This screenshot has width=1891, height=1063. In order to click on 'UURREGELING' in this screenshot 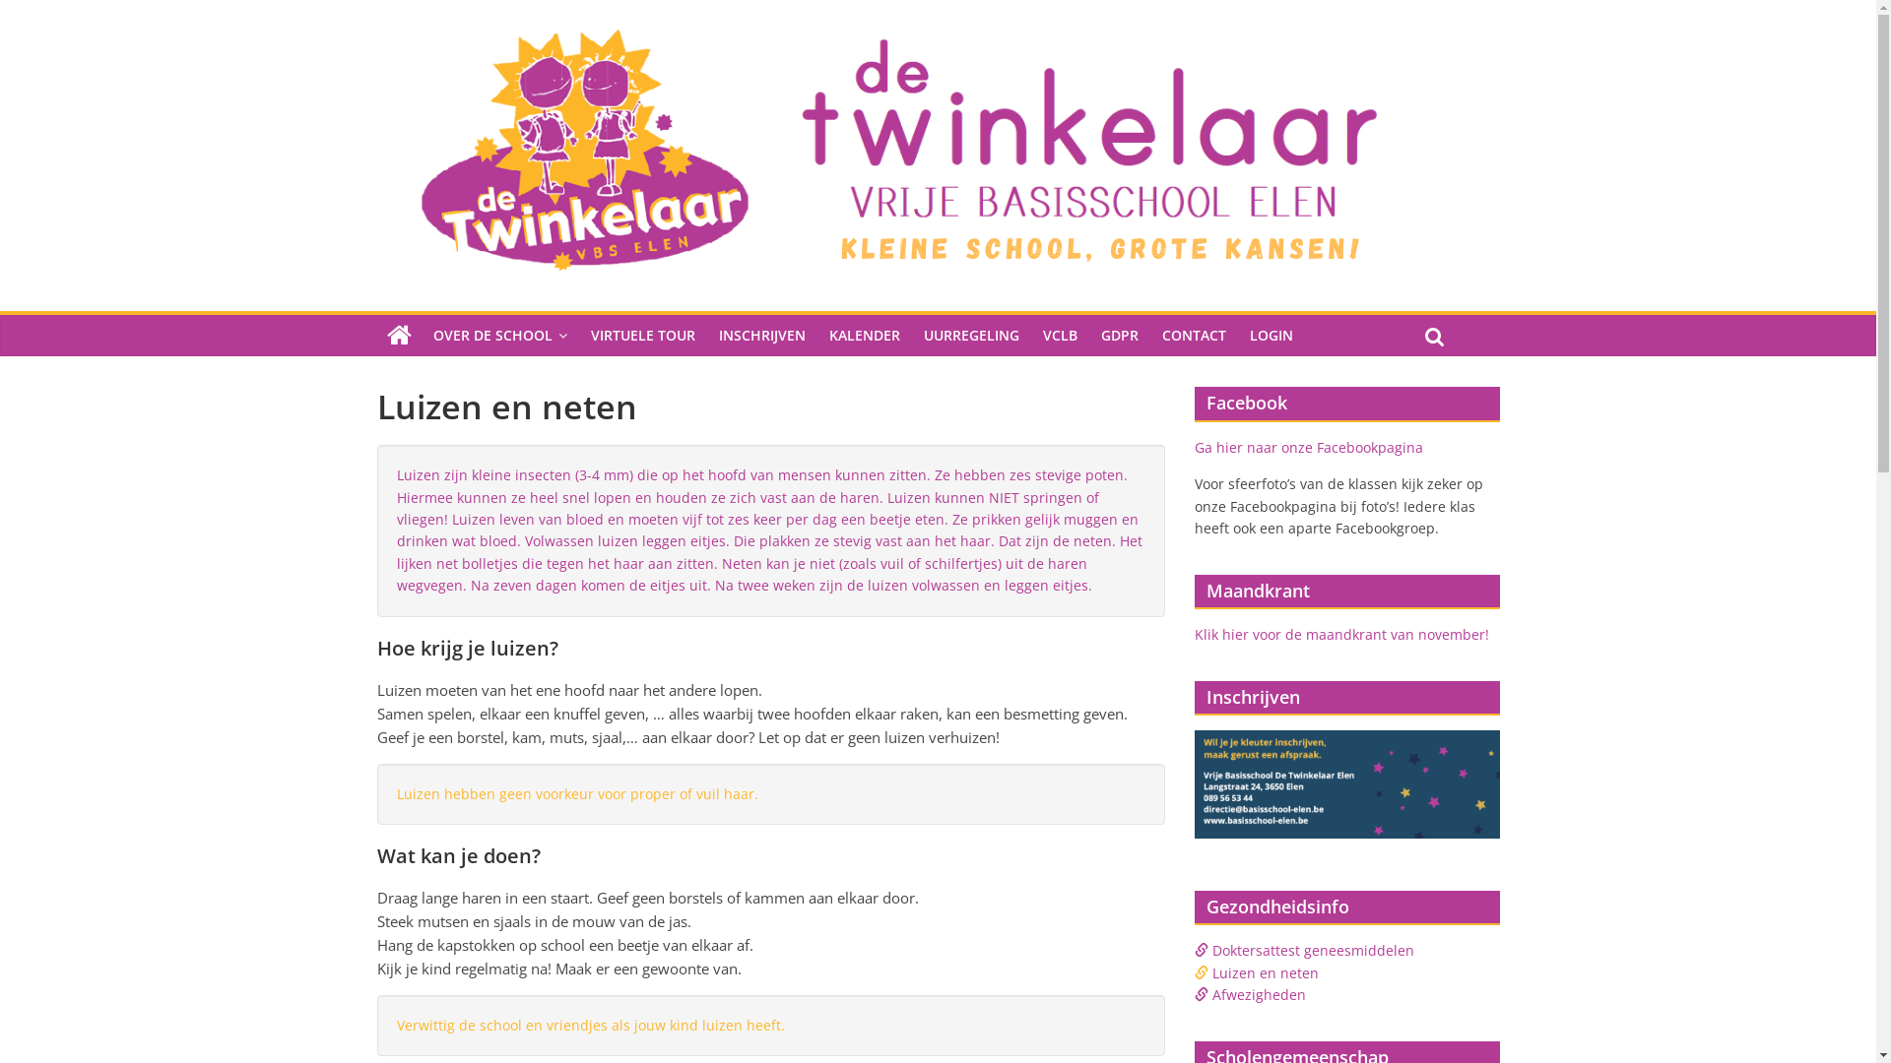, I will do `click(971, 334)`.